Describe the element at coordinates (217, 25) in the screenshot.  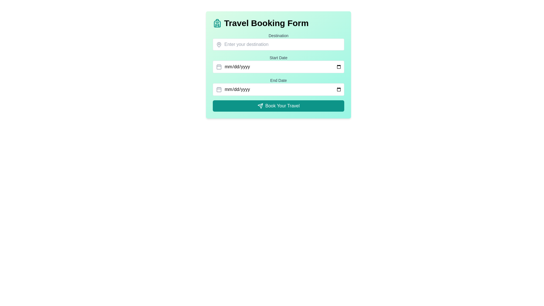
I see `the curved base of the backpack icon in the header section of the travel booking form` at that location.